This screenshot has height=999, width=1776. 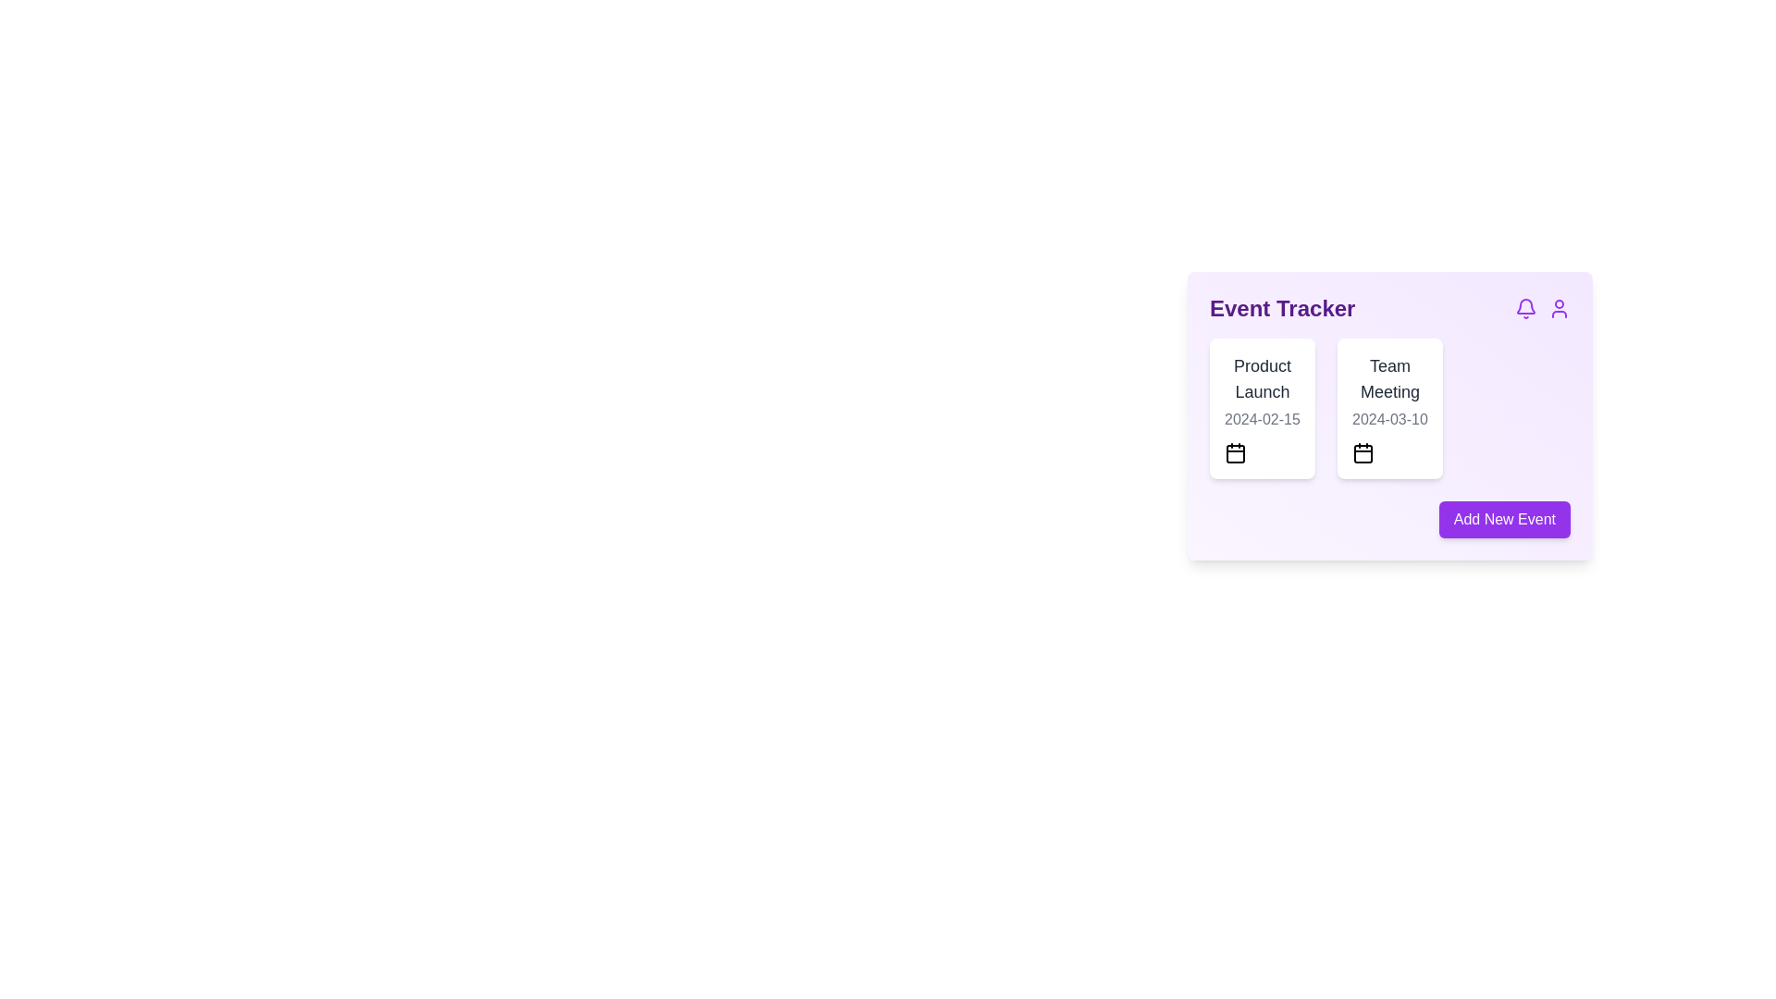 I want to click on the notification icon located in the top-right corner of the 'Event Tracker' area, so click(x=1543, y=308).